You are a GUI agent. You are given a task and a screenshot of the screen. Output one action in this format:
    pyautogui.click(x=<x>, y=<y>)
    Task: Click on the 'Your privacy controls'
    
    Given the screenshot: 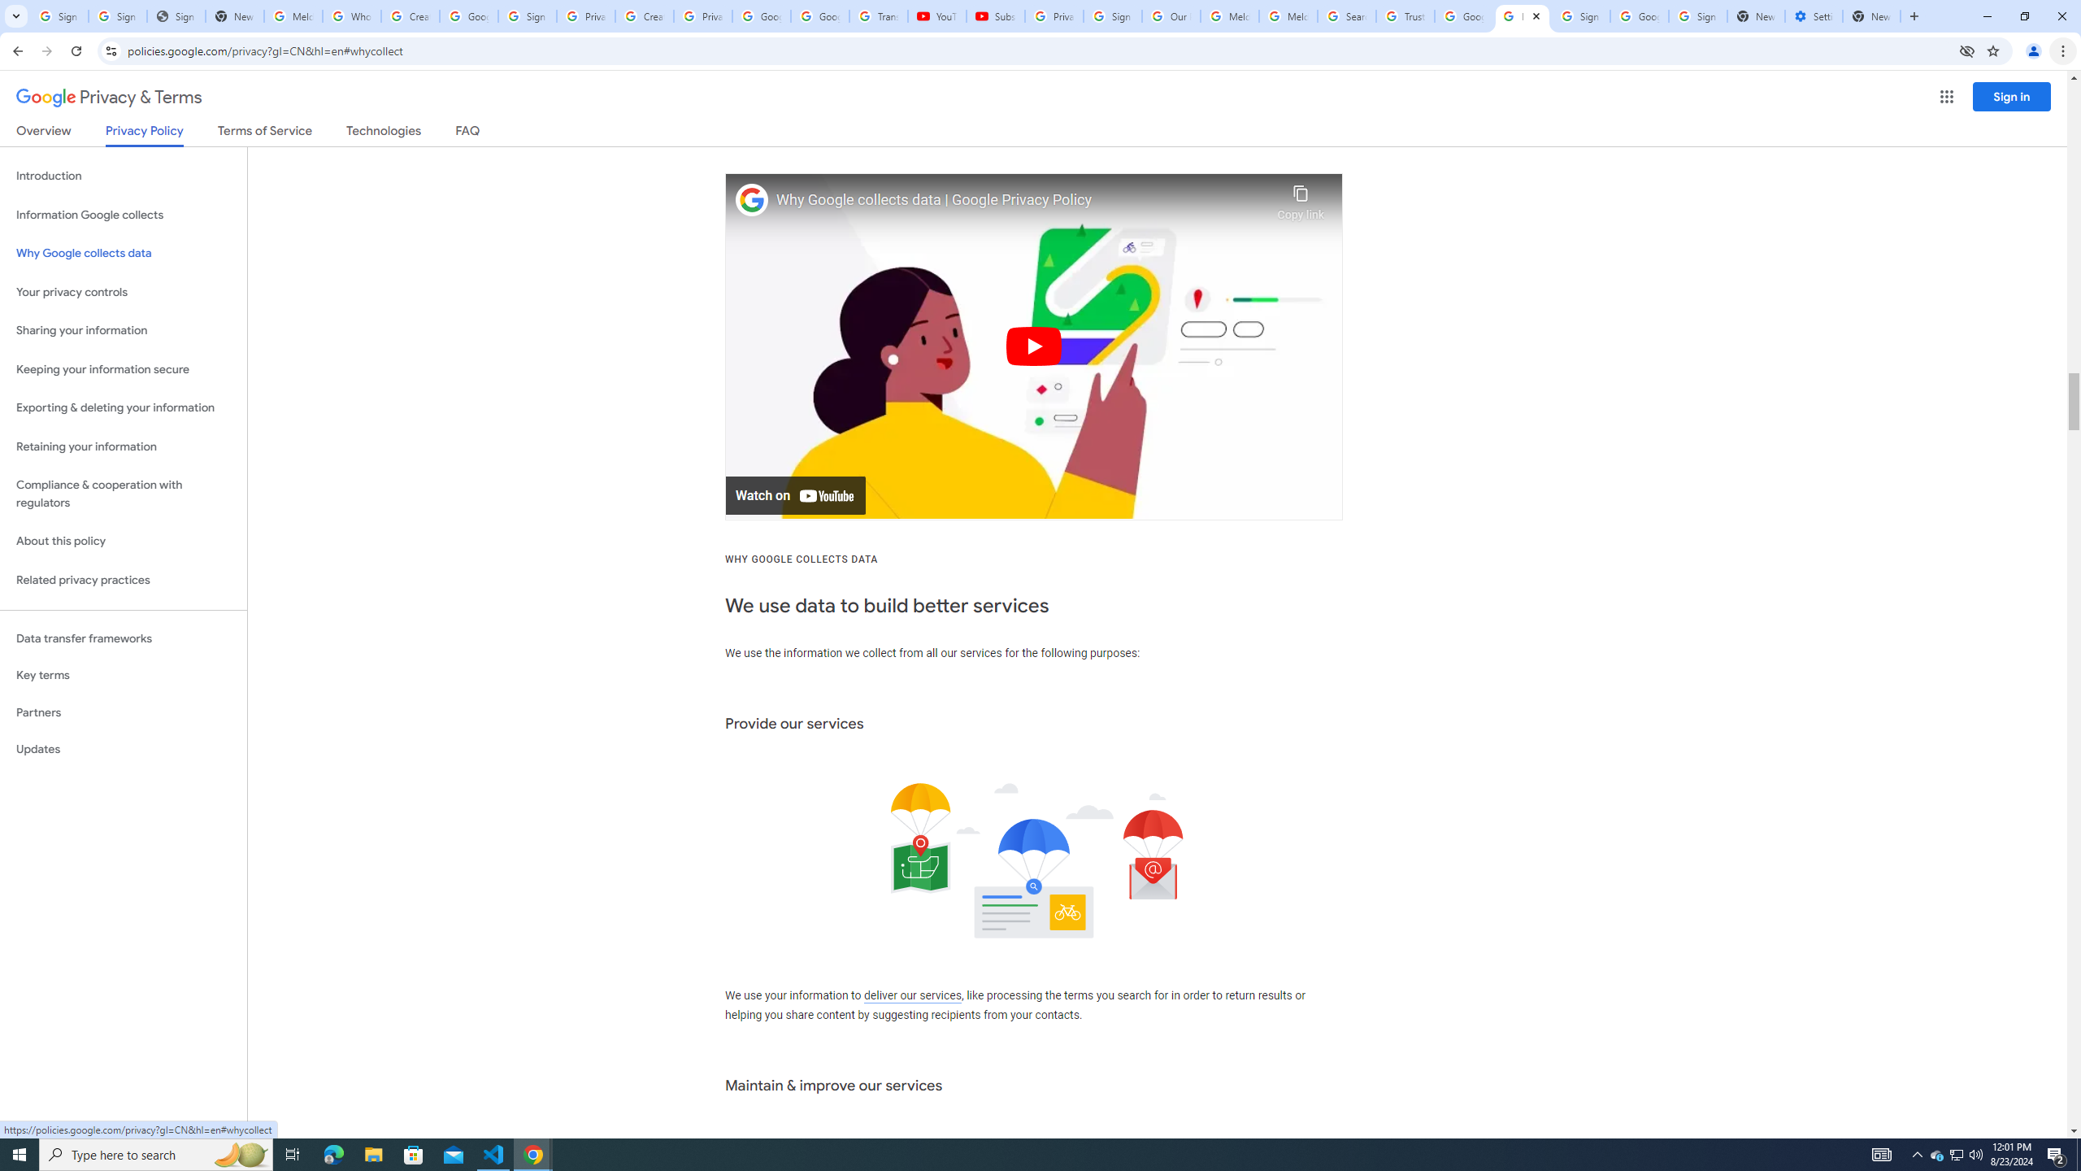 What is the action you would take?
    pyautogui.click(x=123, y=293)
    